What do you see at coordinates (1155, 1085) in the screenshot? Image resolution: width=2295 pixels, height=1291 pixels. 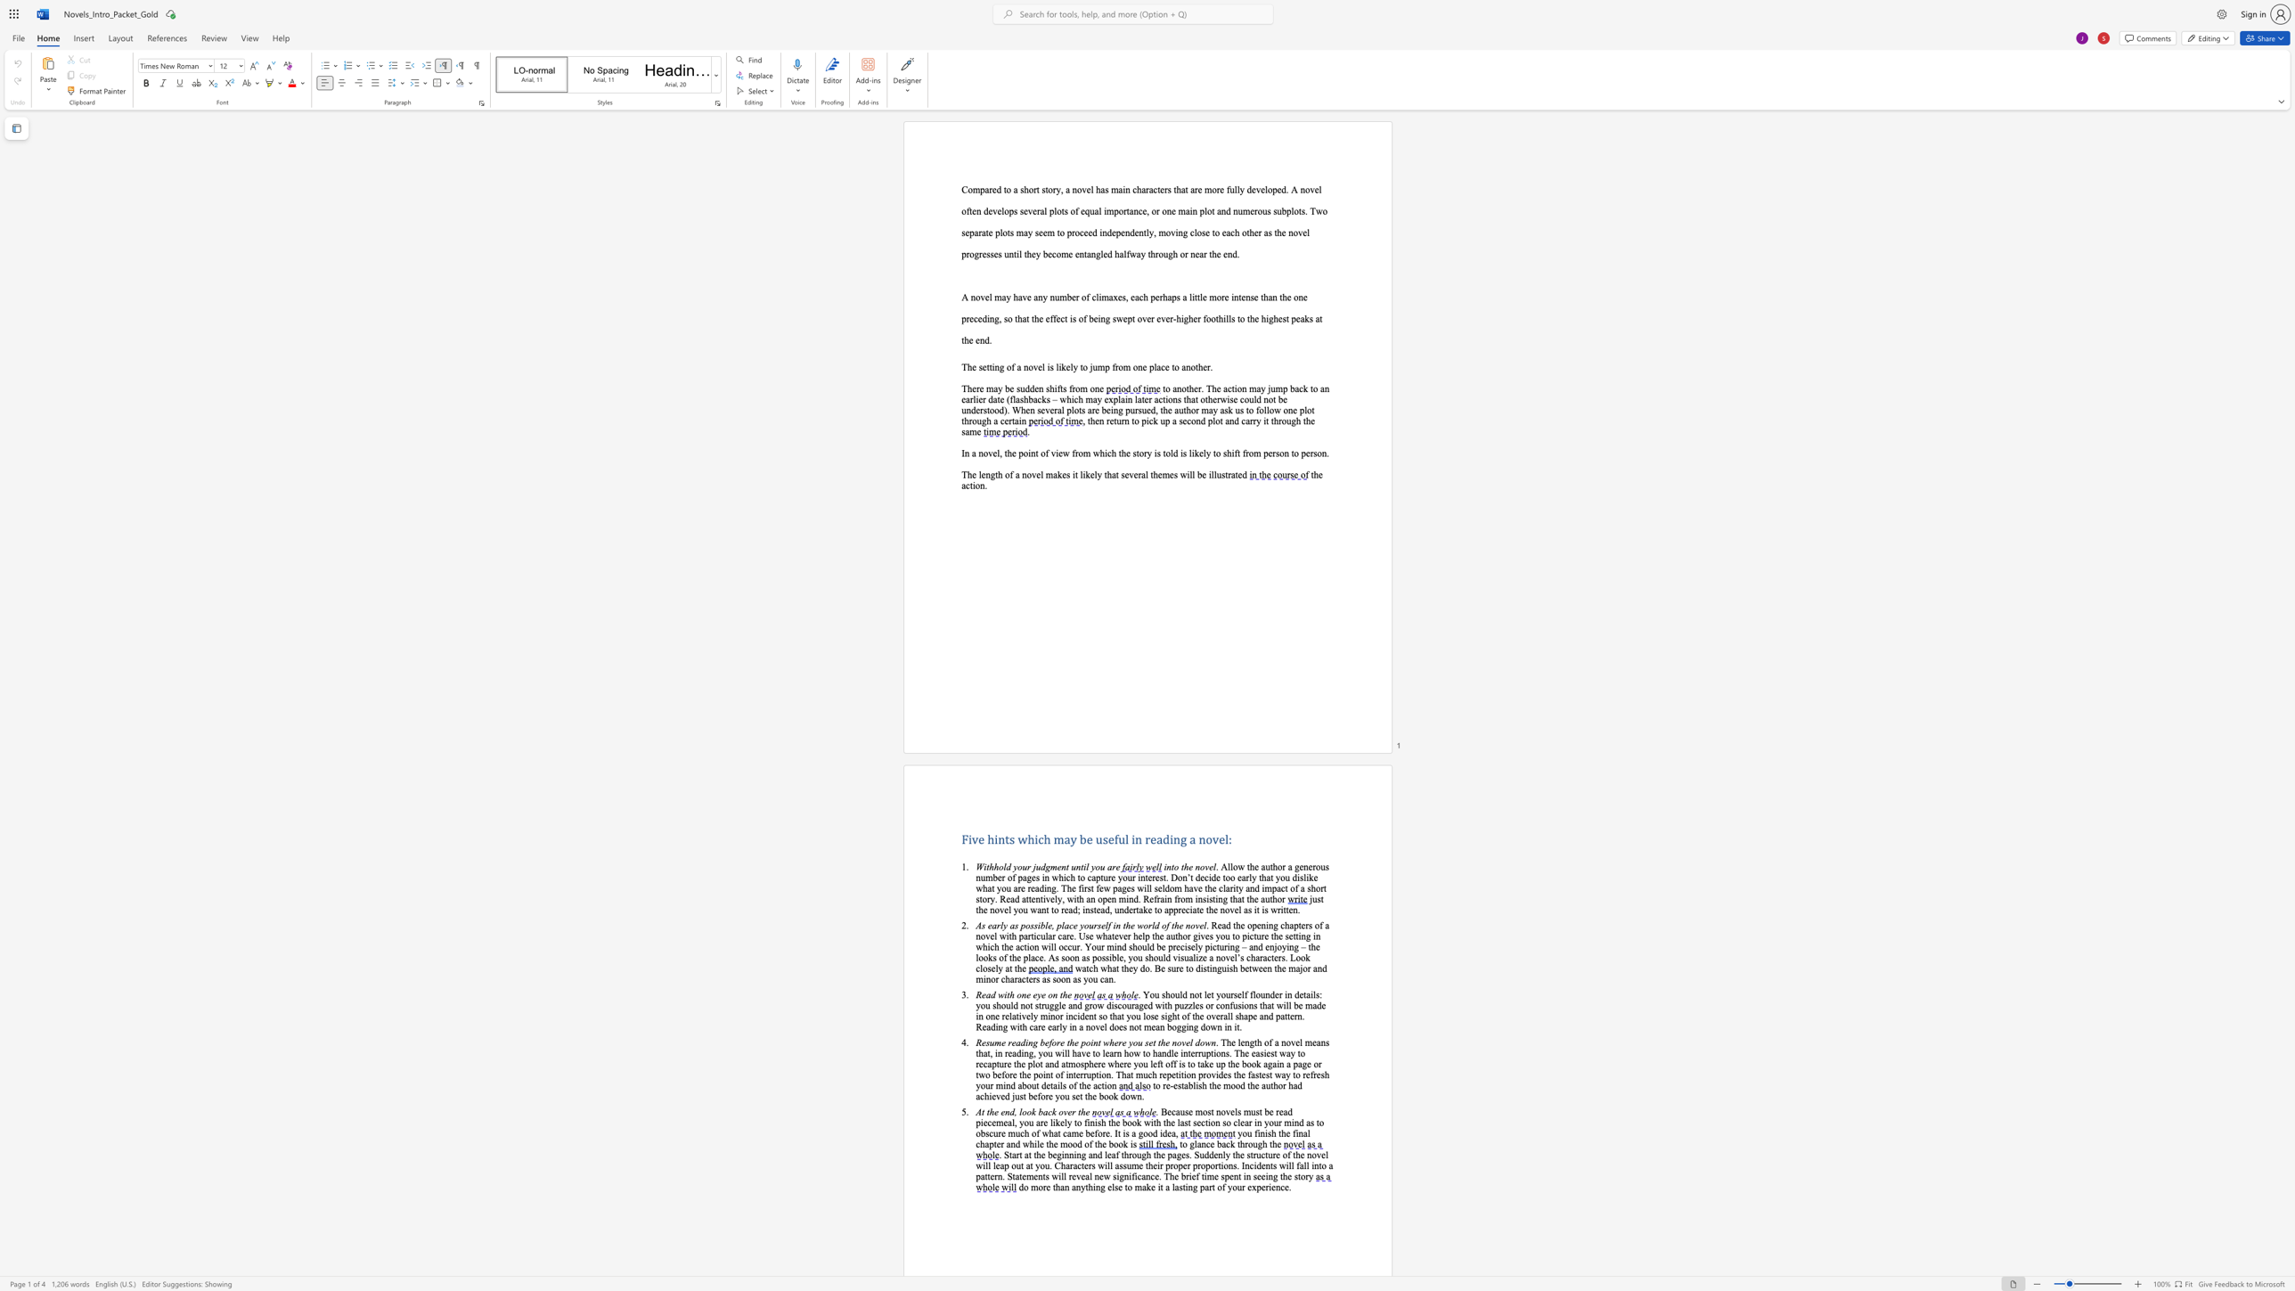 I see `the subset text "o re-establish the mood the author had achiev" within the text "to re-establish the mood the author had achieved just before you set the book down."` at bounding box center [1155, 1085].